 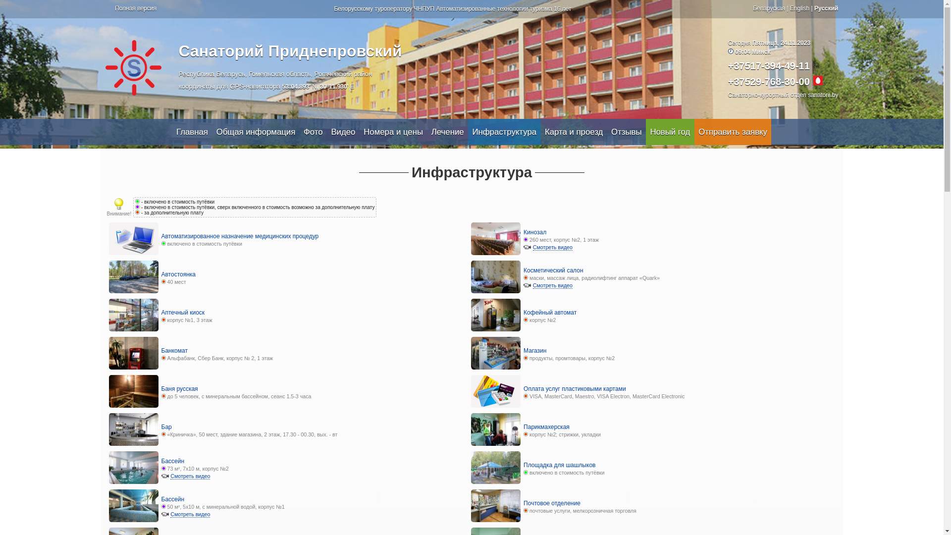 I want to click on '+37529-768-30-00', so click(x=768, y=81).